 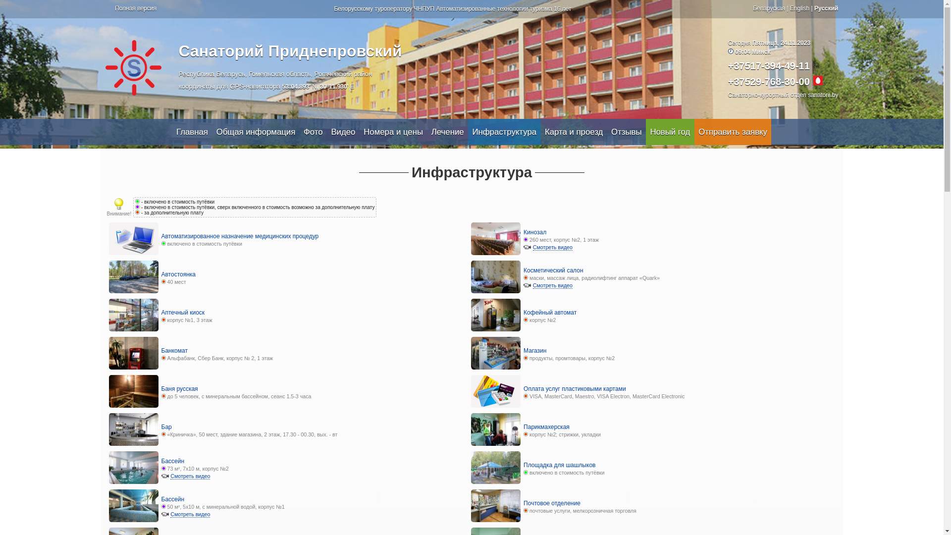 I want to click on '+37529-768-30-00', so click(x=768, y=81).